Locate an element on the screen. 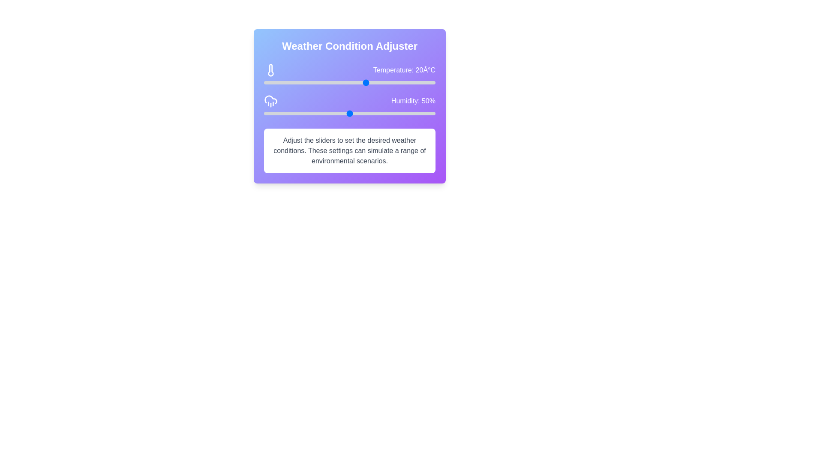 The image size is (823, 463). the temperature slider to set the temperature to 7°C is located at coordinates (322, 82).